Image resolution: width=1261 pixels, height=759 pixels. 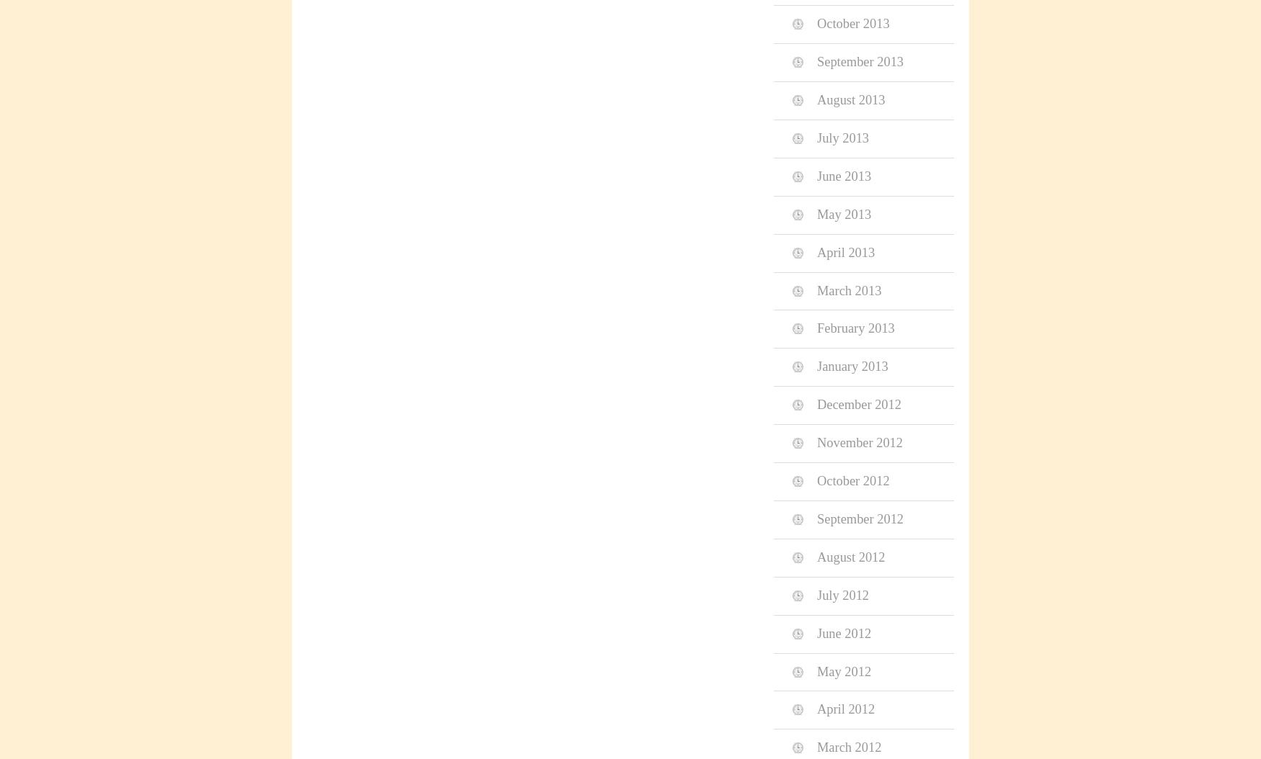 I want to click on 'December 2012', so click(x=816, y=404).